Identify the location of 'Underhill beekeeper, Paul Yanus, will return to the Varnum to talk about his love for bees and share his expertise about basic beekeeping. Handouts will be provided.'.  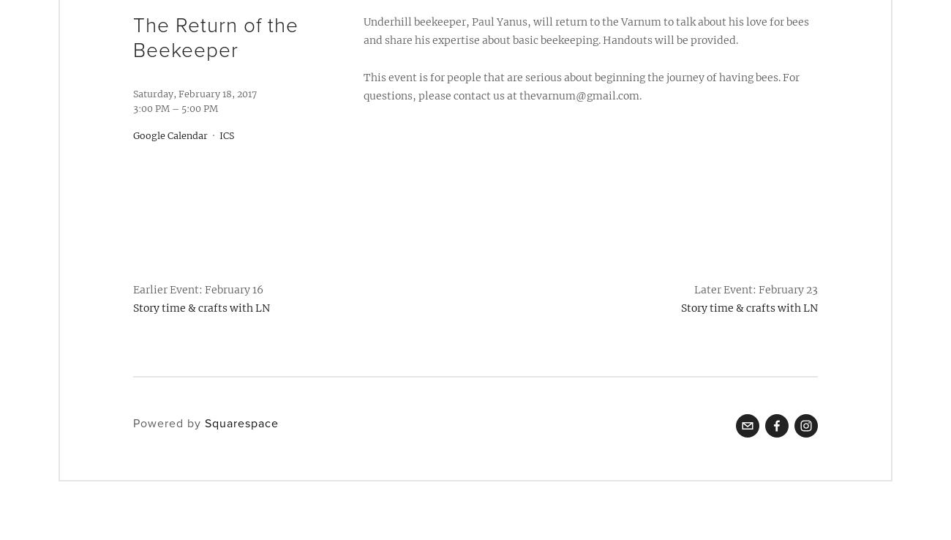
(584, 30).